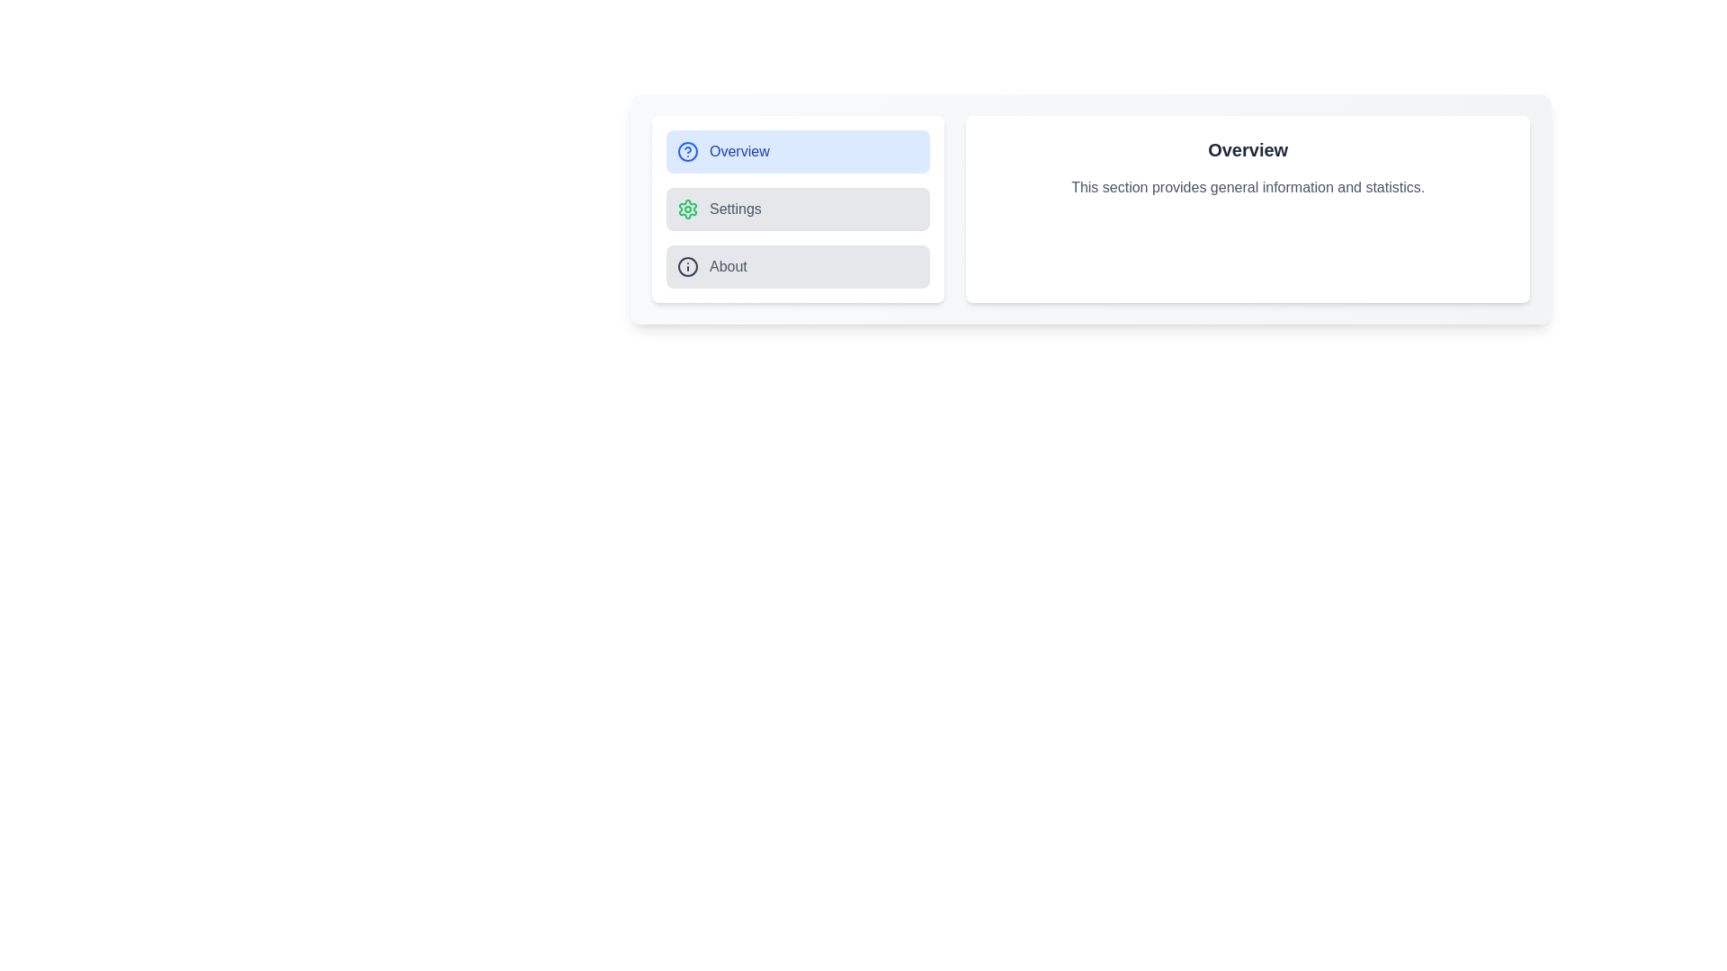 Image resolution: width=1727 pixels, height=971 pixels. What do you see at coordinates (797, 151) in the screenshot?
I see `the Overview tab to display its content in the main section` at bounding box center [797, 151].